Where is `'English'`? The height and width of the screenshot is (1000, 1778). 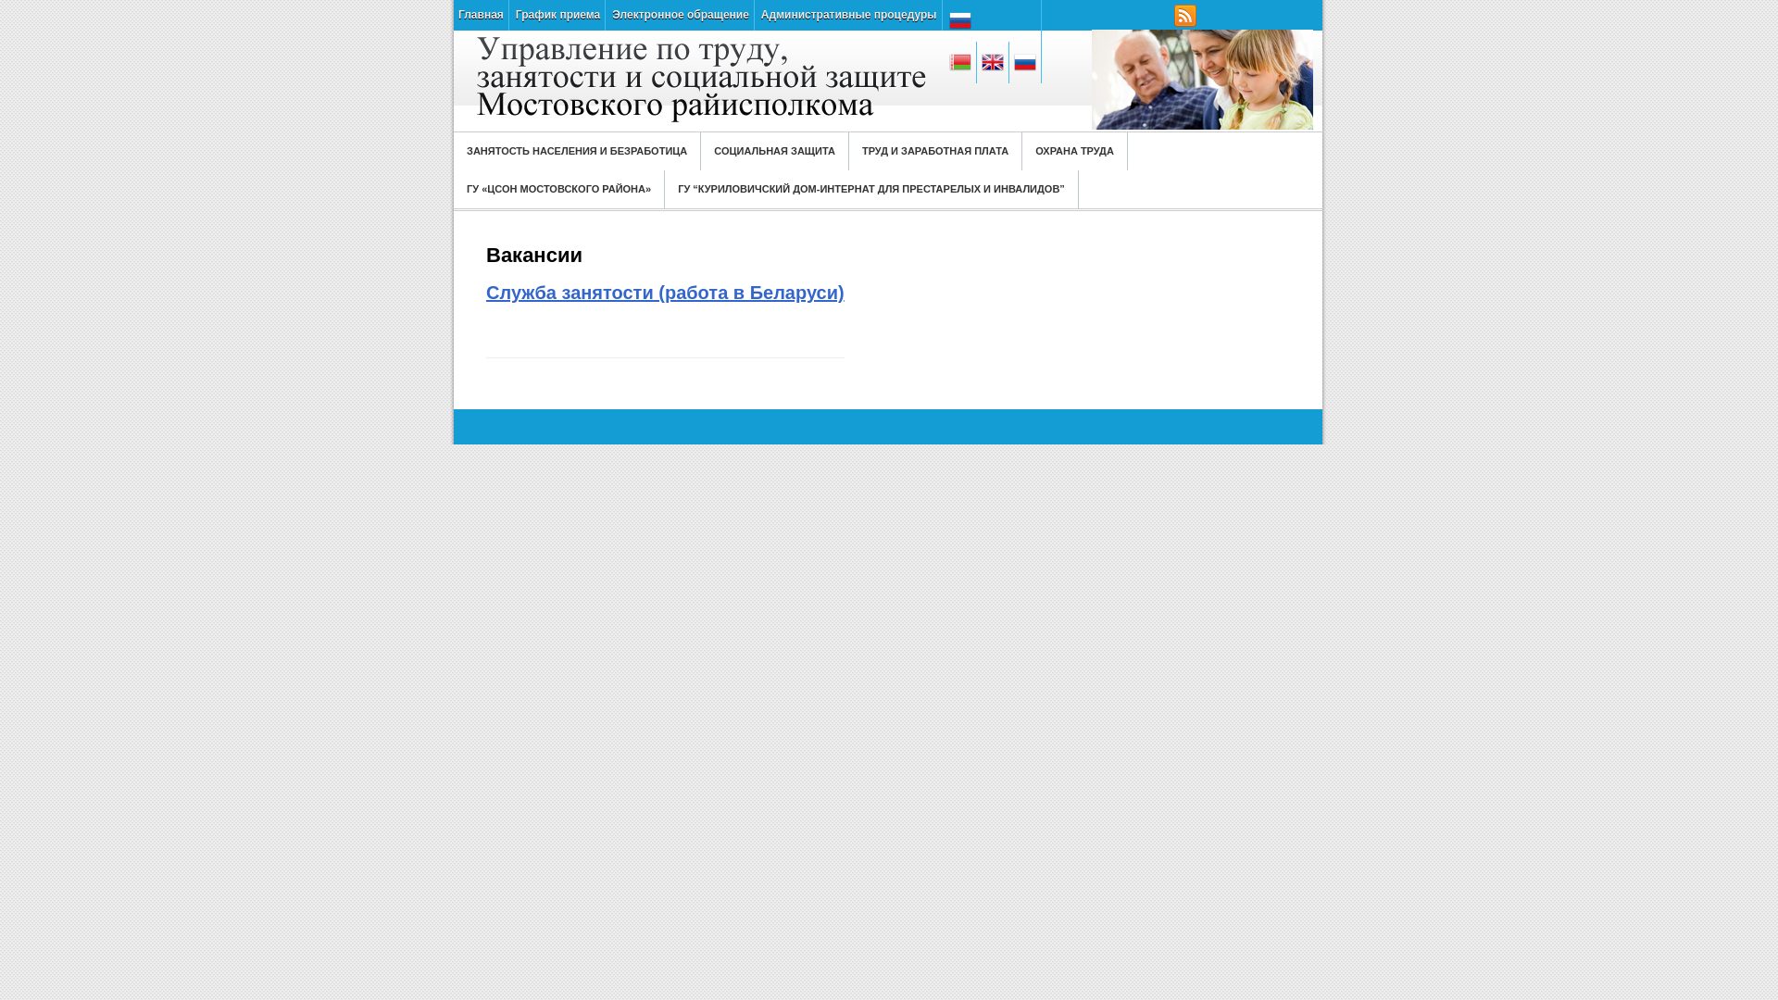 'English' is located at coordinates (976, 61).